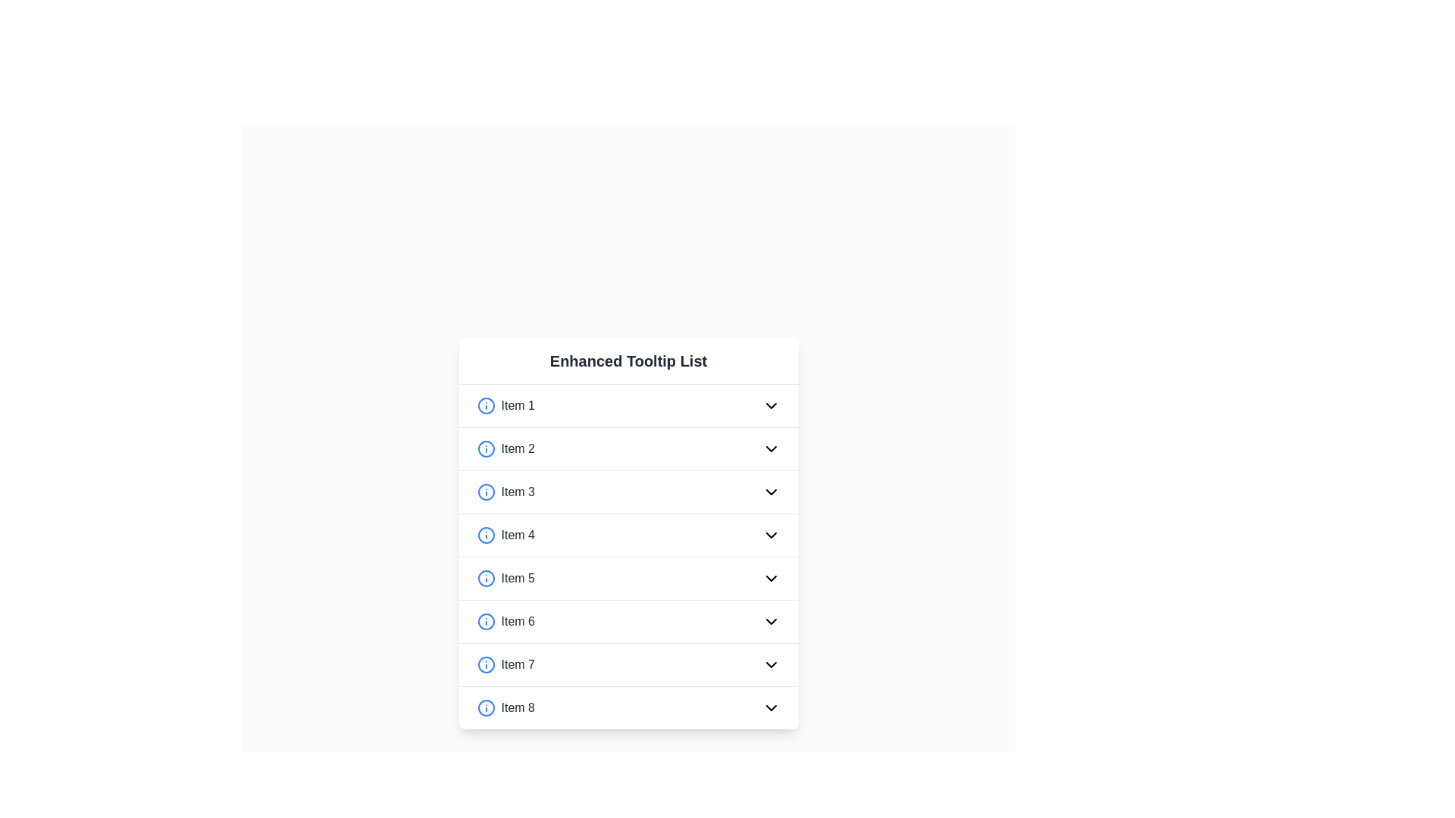 This screenshot has height=818, width=1455. Describe the element at coordinates (518, 448) in the screenshot. I see `the static text label that serves as the label for the second item in the 'Enhanced Tooltip List', located between a blue info icon and an arrow icon` at that location.